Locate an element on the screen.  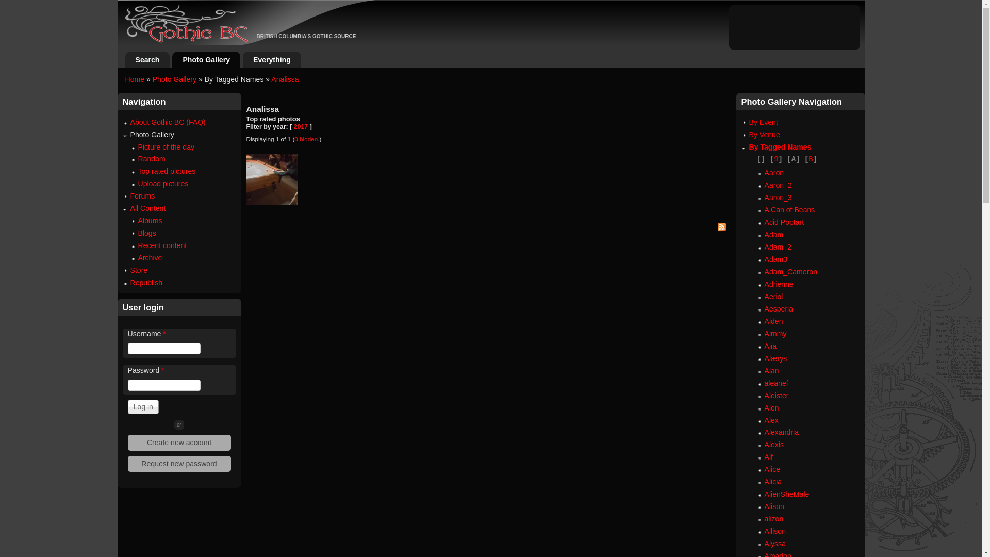
'By Event' is located at coordinates (748, 121).